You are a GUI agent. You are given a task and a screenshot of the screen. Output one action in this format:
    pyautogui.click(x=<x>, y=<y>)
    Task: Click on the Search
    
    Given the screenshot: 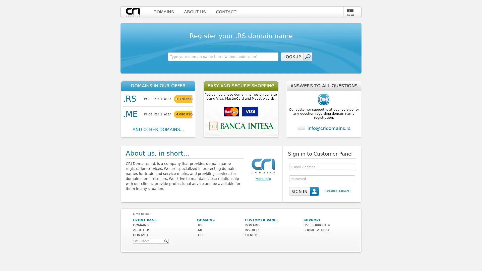 What is the action you would take?
    pyautogui.click(x=166, y=241)
    